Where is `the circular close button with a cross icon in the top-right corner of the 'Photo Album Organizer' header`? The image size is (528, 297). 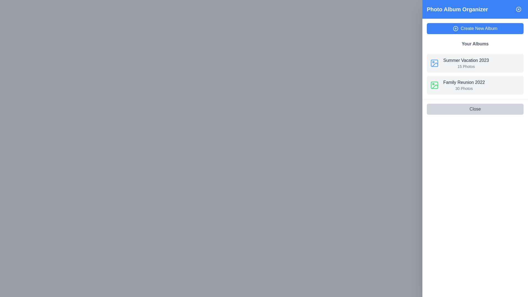
the circular close button with a cross icon in the top-right corner of the 'Photo Album Organizer' header is located at coordinates (518, 9).